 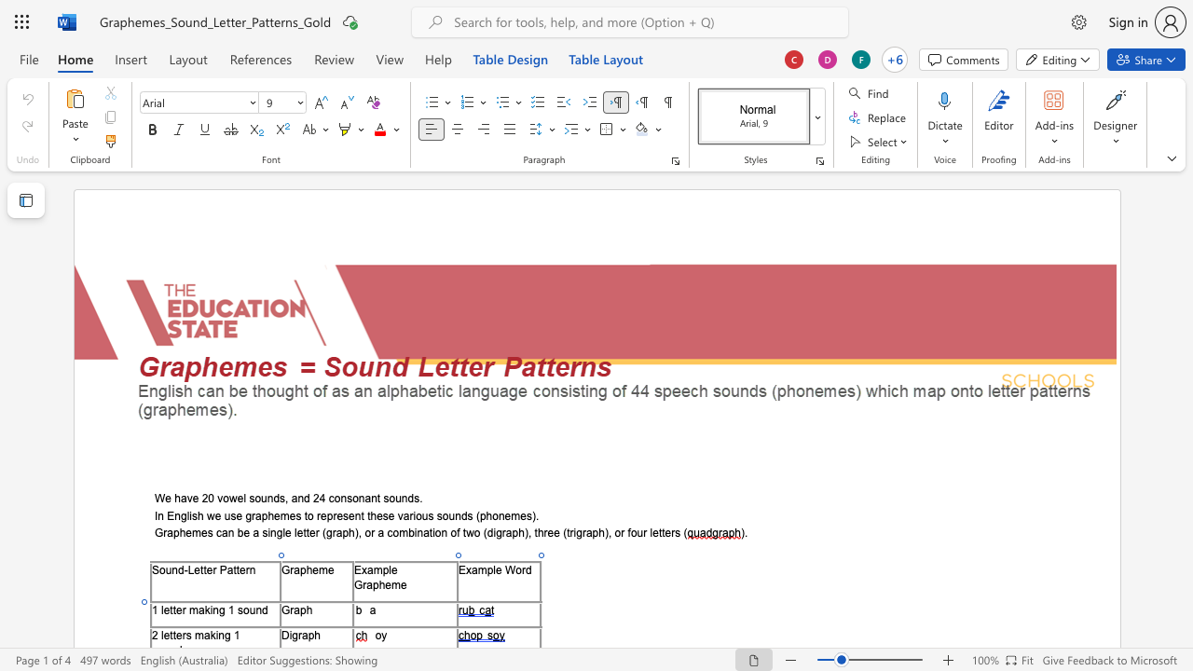 What do you see at coordinates (306, 609) in the screenshot?
I see `the space between the continuous character "p" and "h" in the text` at bounding box center [306, 609].